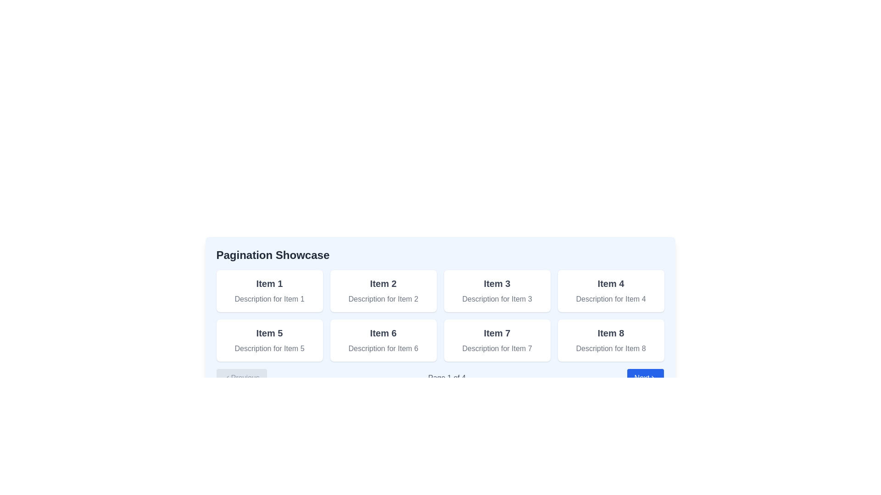 The image size is (881, 495). What do you see at coordinates (227, 378) in the screenshot?
I see `the 'Previous' button that contains a small left-facing chevron icon with rounded edges, located at the bottom-left section of the pagination interface` at bounding box center [227, 378].